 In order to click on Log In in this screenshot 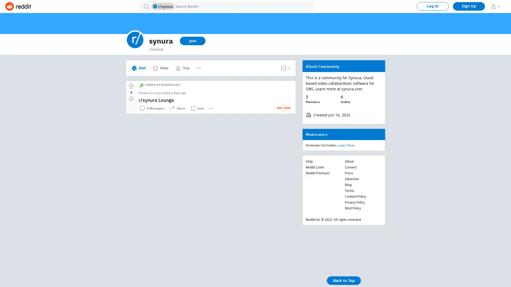, I will do `click(433, 6)`.